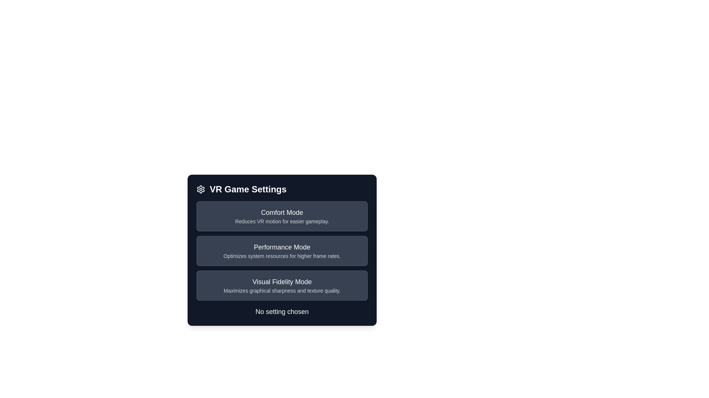 This screenshot has width=709, height=398. Describe the element at coordinates (281, 285) in the screenshot. I see `the button for adjusting visual fidelity in the 'VR Game Settings' dialog box, located at the bottom of the options list` at that location.